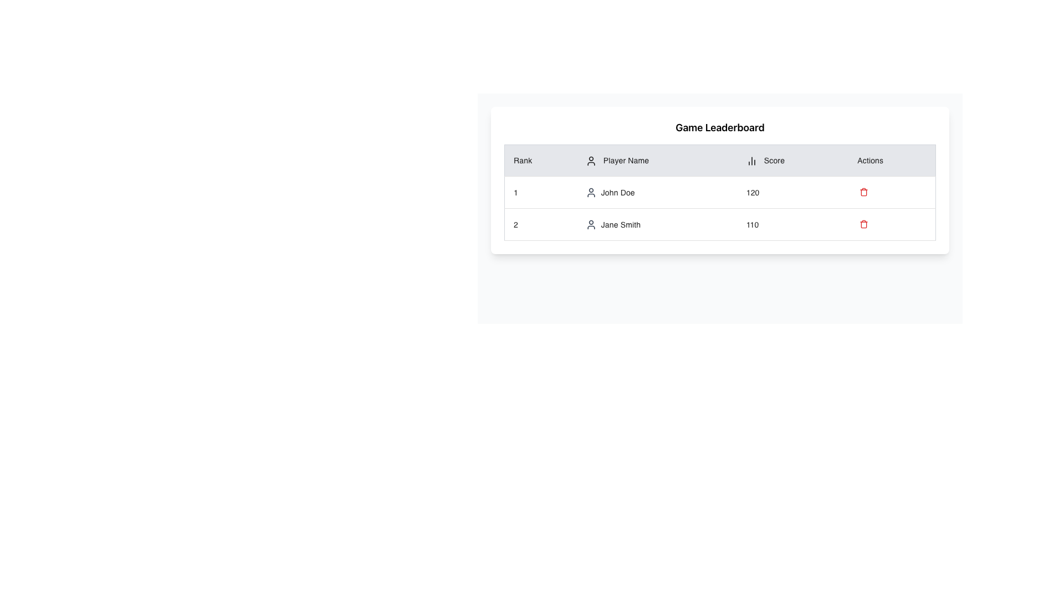 This screenshot has width=1064, height=598. Describe the element at coordinates (751, 161) in the screenshot. I see `the small bar chart icon located in the header of the 'Score' column of the leaderboard table` at that location.